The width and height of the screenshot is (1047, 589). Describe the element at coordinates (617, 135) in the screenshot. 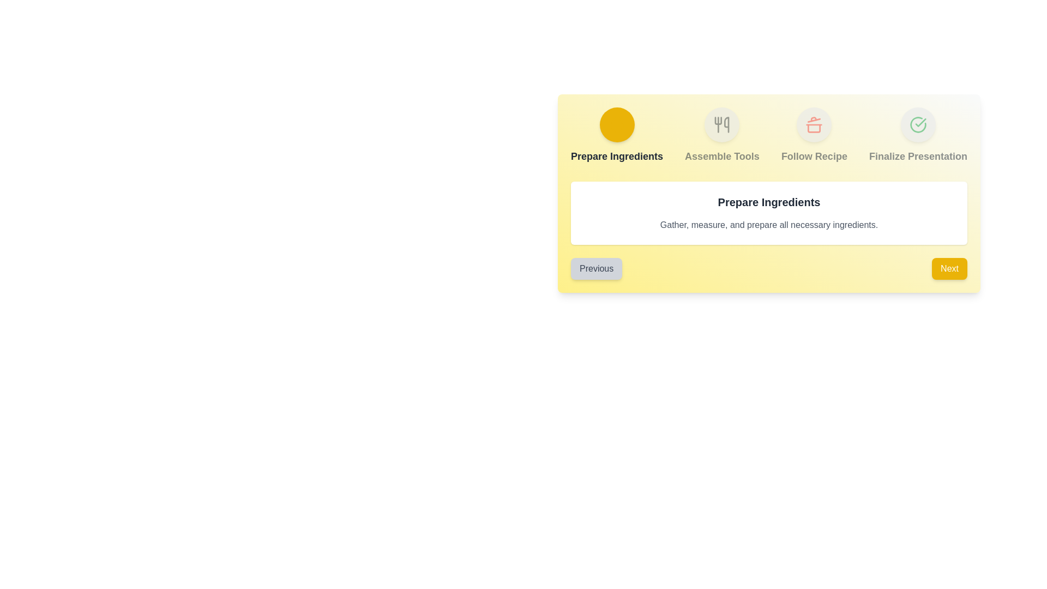

I see `the 'Prepare Ingredients' graphic element, which indicates the current step in the workflow process` at that location.